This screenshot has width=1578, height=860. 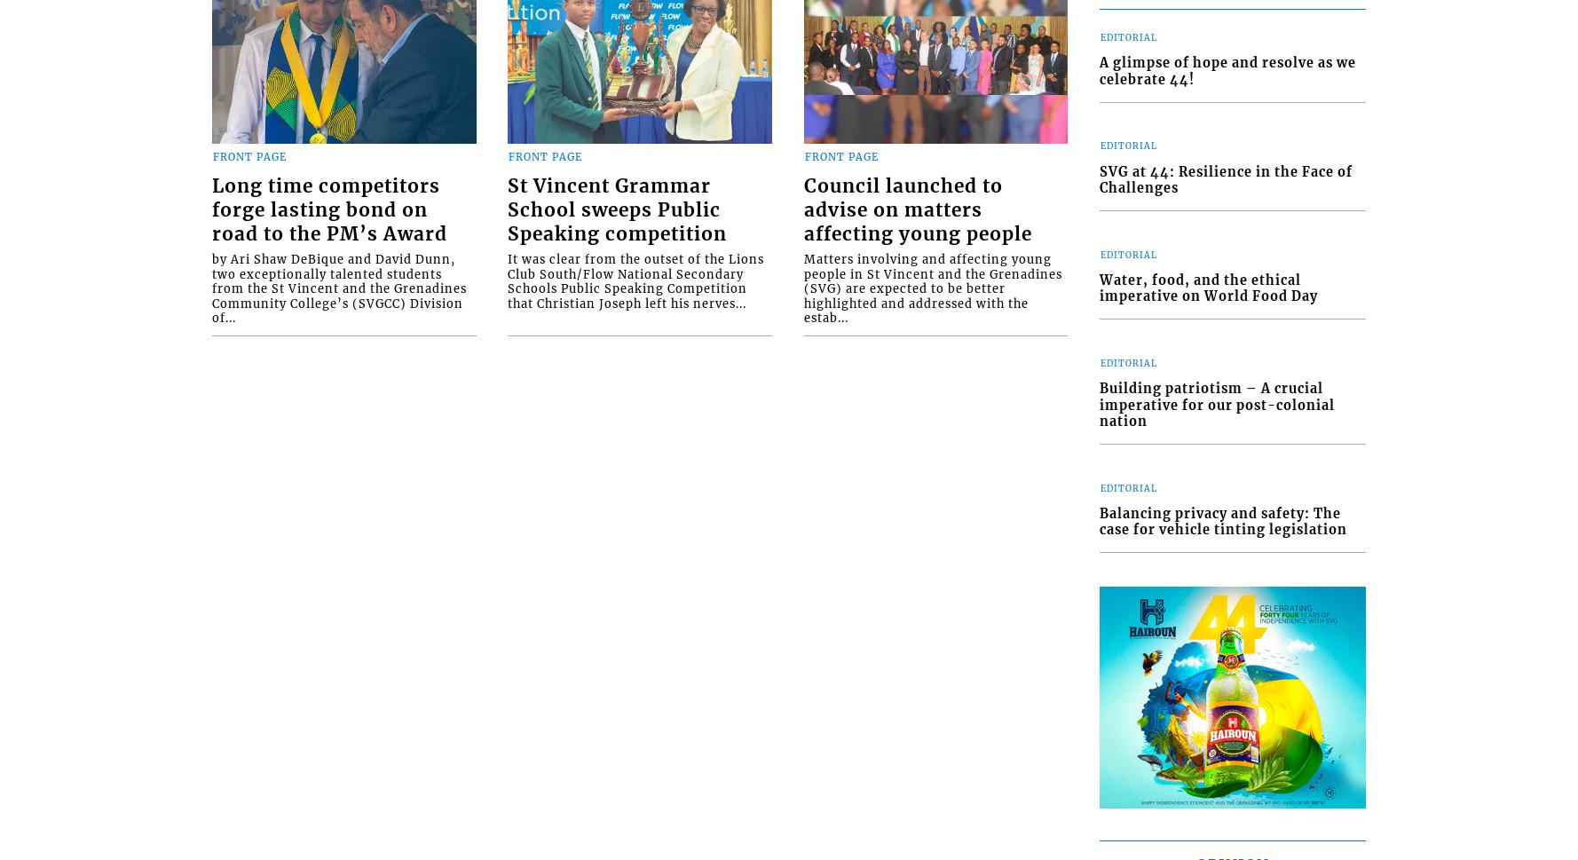 I want to click on 'A glimpse of hope and resolve as we celebrate 44!', so click(x=1227, y=70).